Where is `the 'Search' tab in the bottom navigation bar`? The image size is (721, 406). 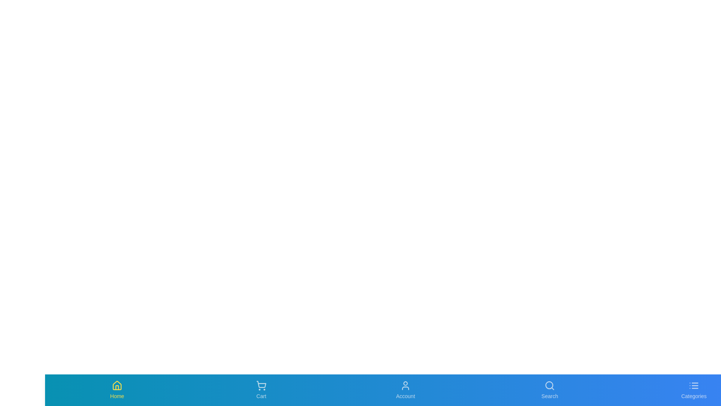
the 'Search' tab in the bottom navigation bar is located at coordinates (550, 389).